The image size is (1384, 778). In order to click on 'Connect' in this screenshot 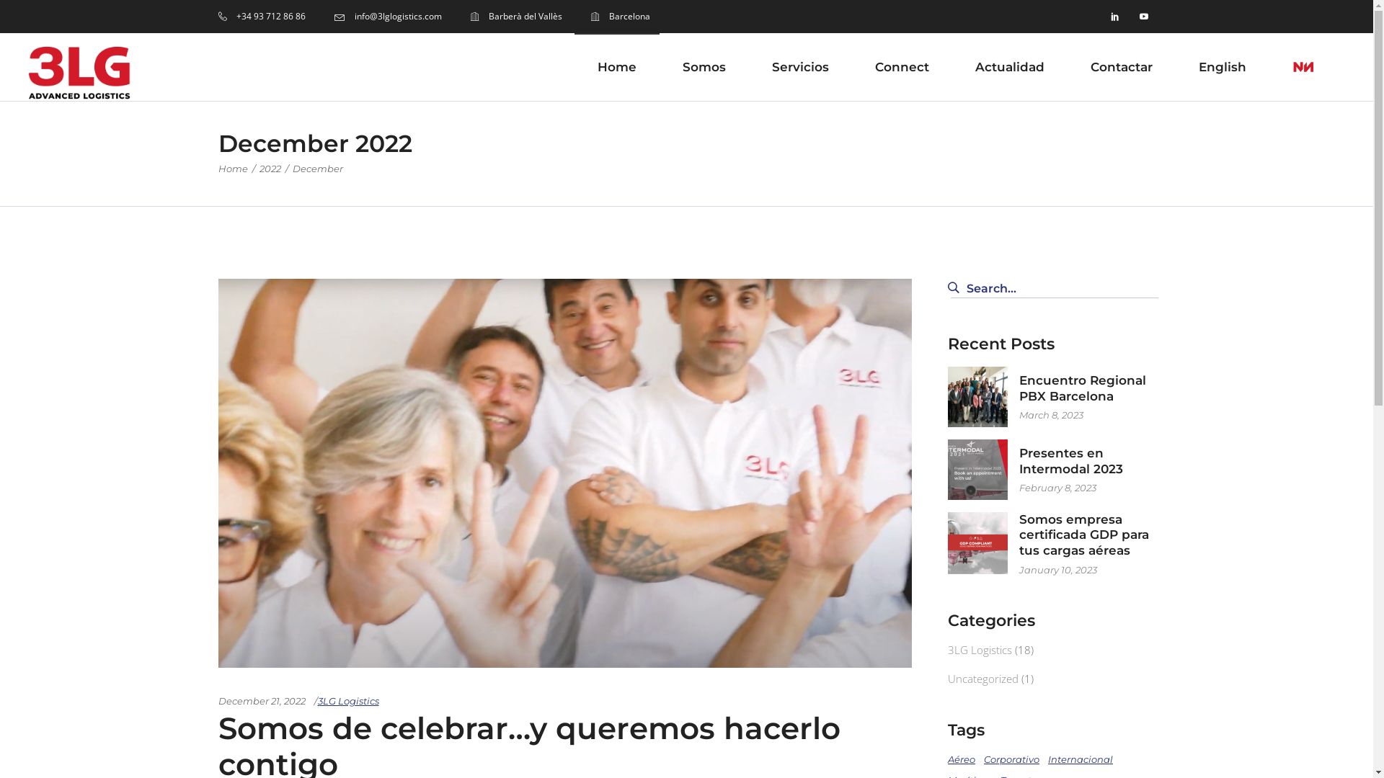, I will do `click(901, 67)`.